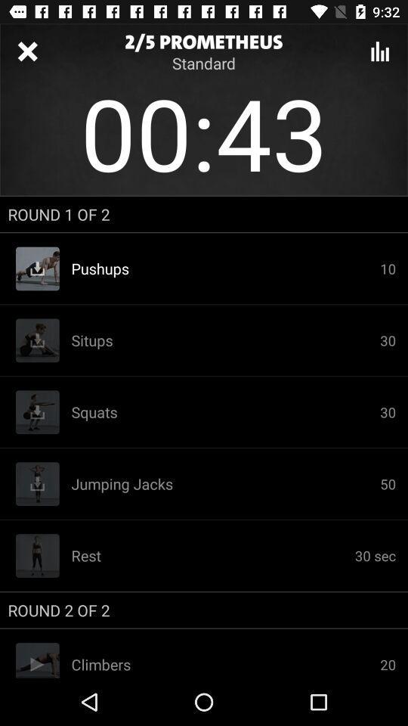 The image size is (408, 726). I want to click on show a graphic about lose weight, so click(379, 51).